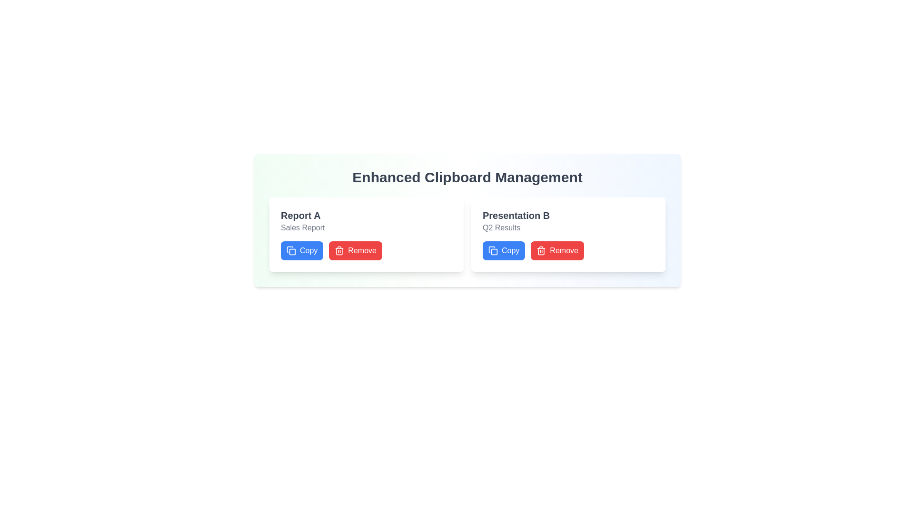  Describe the element at coordinates (516, 215) in the screenshot. I see `text label that says 'Presentation B', which is styled with a bold font and is located at the top of the right card in a two-card layout` at that location.